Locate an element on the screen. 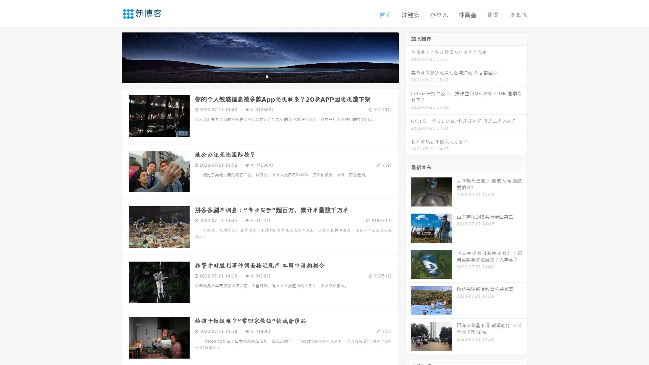 The height and width of the screenshot is (365, 649). Next slide is located at coordinates (408, 57).